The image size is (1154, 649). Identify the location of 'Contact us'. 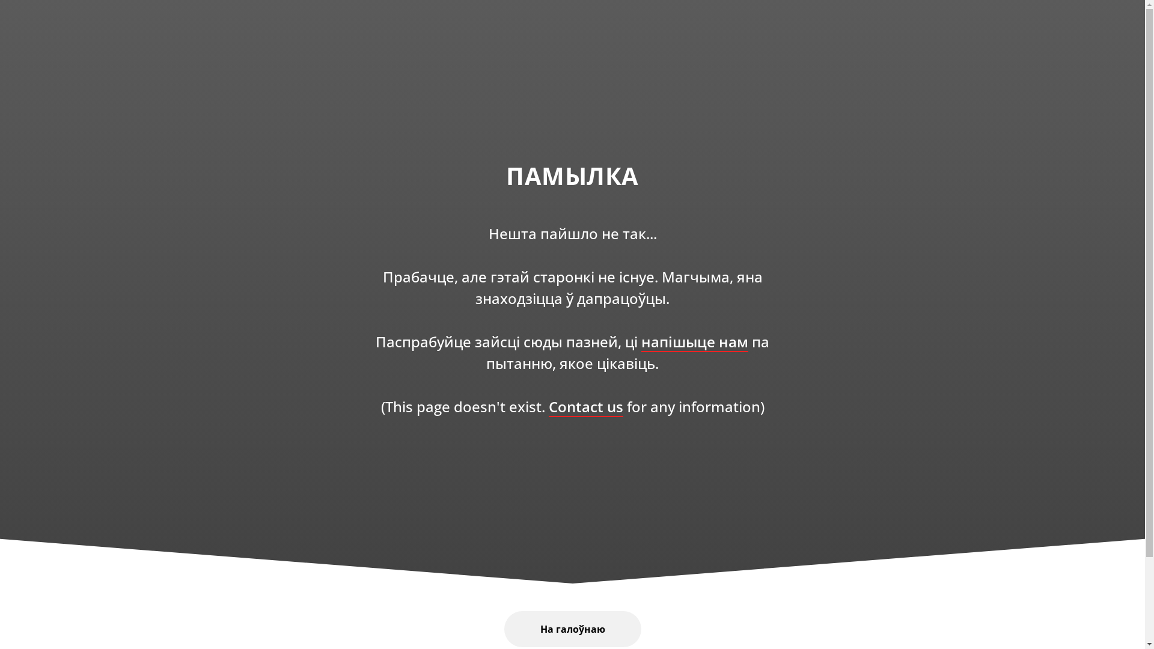
(585, 406).